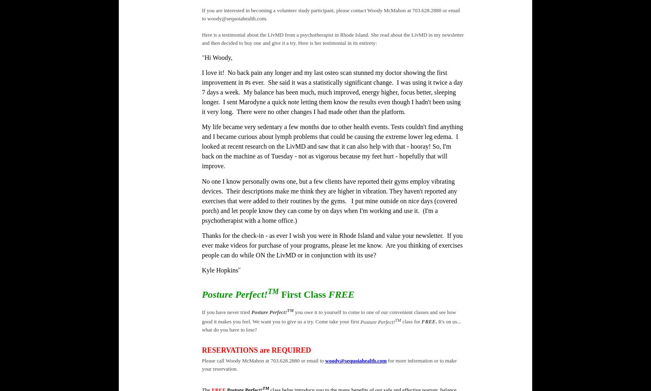  Describe the element at coordinates (332, 244) in the screenshot. I see `'Thanks for the check-in - as ever I wish you were in Rhode Island and value your newsletter.  If you ever make videos for purchase of your programs, please let me know.  Are you thinking of exercises people can do while ON the LivMD or in conjunction with its use?'` at that location.